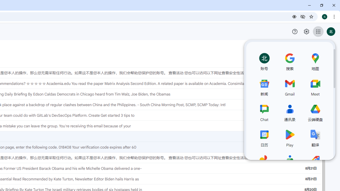 This screenshot has width=340, height=191. I want to click on 'Chrome', so click(334, 16).